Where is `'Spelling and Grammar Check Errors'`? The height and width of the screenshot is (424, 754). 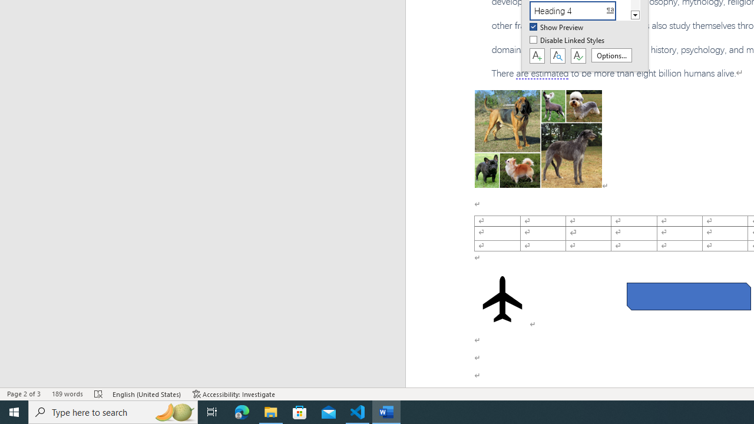
'Spelling and Grammar Check Errors' is located at coordinates (99, 394).